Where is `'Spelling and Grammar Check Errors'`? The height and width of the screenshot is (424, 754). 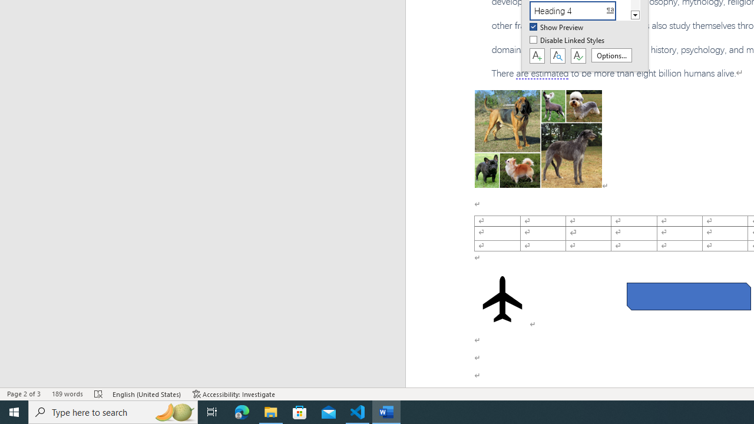
'Spelling and Grammar Check Errors' is located at coordinates (99, 394).